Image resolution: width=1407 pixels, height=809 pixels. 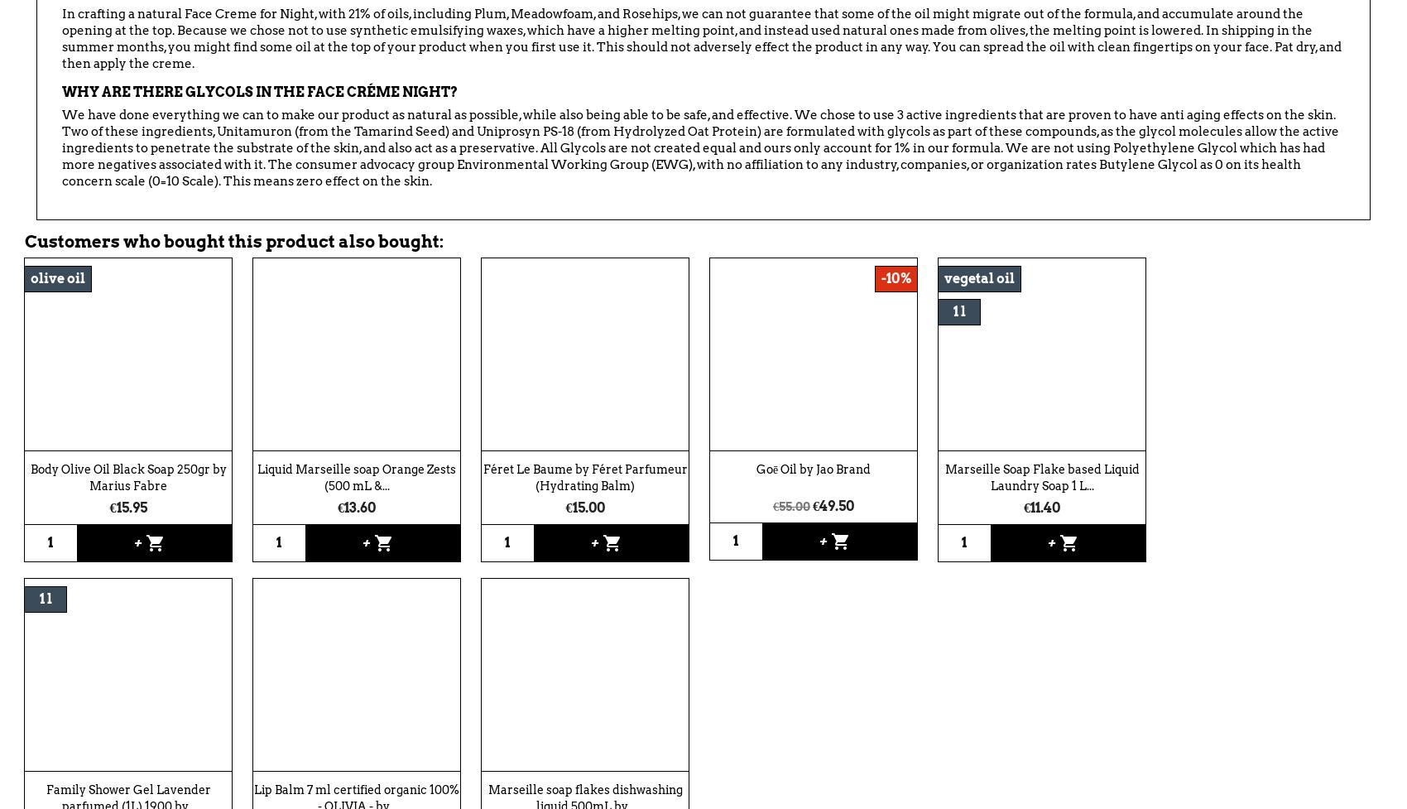 What do you see at coordinates (259, 92) in the screenshot?
I see `'WHY ARE THERE GLYCOLS IN THE FACE CRÉME NIGHT?'` at bounding box center [259, 92].